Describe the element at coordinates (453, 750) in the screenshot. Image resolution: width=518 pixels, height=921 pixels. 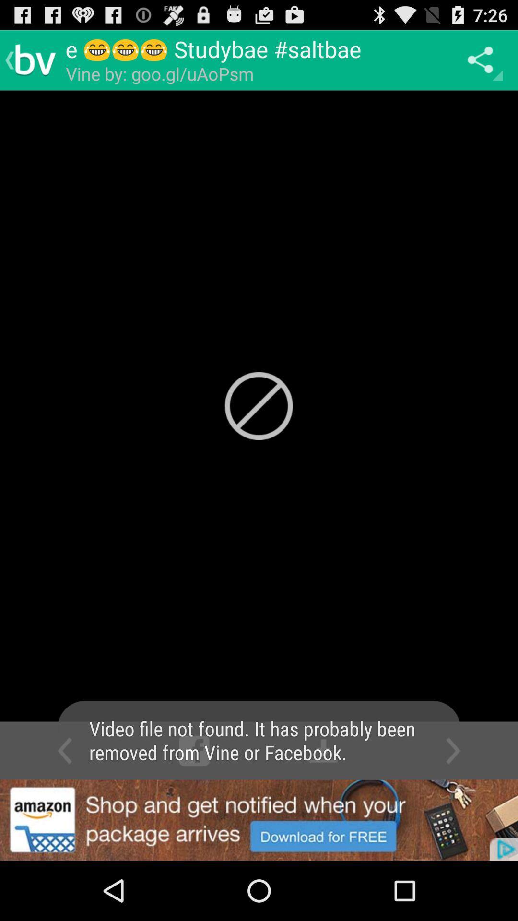
I see `the scroll right icon` at that location.